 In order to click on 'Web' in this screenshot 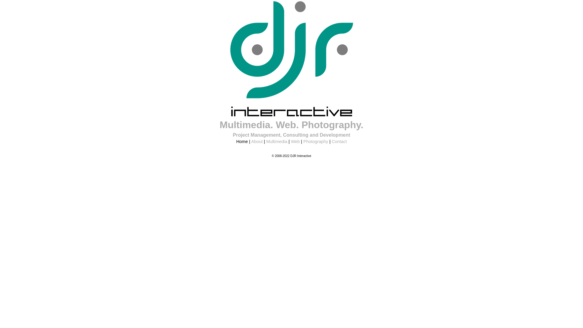, I will do `click(295, 142)`.